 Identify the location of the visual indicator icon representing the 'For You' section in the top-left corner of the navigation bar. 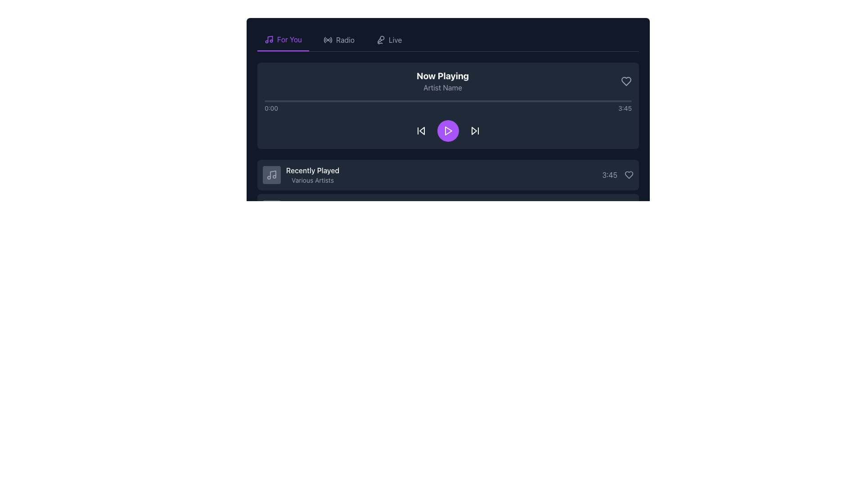
(269, 39).